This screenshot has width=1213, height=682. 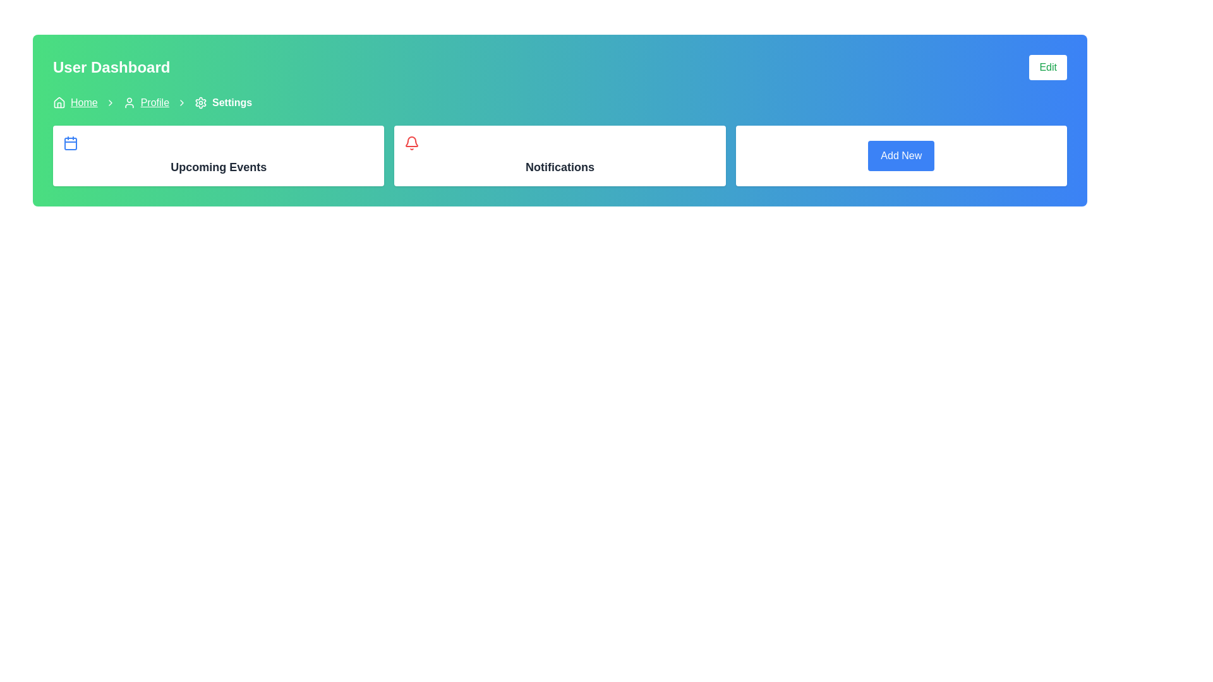 What do you see at coordinates (412, 143) in the screenshot?
I see `the bell-shaped notification icon with a red stroke color, positioned above the text 'Notifications' in the second card from the left` at bounding box center [412, 143].